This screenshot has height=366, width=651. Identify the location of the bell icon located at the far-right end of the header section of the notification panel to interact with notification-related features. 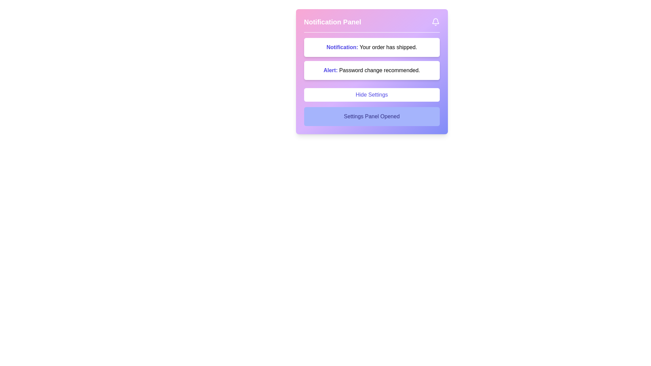
(435, 22).